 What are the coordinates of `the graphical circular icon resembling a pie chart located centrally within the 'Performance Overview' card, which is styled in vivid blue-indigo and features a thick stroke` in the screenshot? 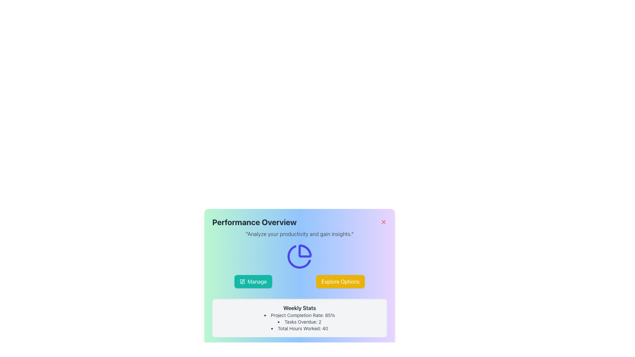 It's located at (299, 256).